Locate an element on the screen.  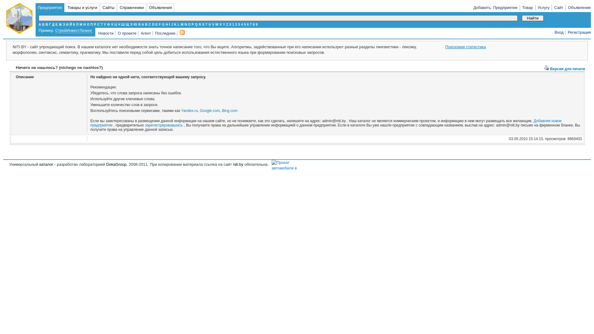
'Q' is located at coordinates (196, 24).